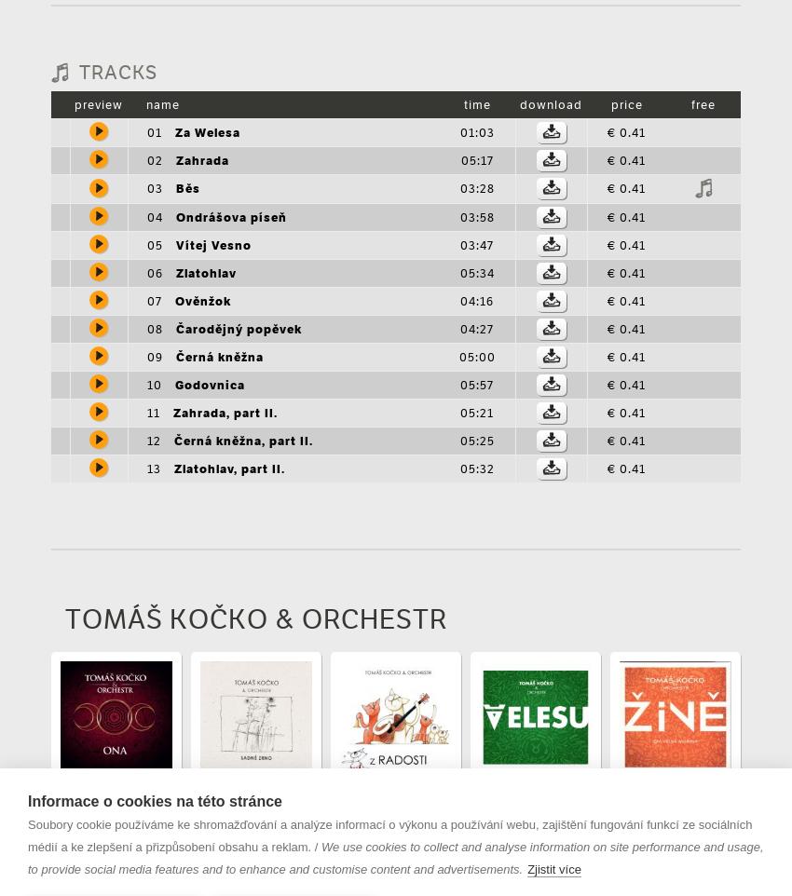 The width and height of the screenshot is (792, 896). Describe the element at coordinates (155, 440) in the screenshot. I see `'12'` at that location.